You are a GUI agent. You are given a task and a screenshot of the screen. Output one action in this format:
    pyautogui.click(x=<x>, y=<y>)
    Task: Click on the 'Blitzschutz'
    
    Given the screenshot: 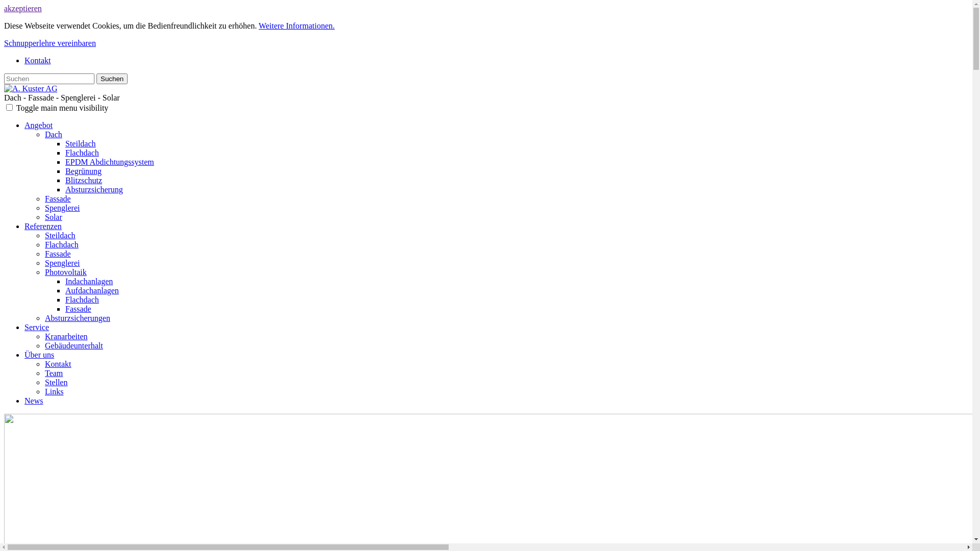 What is the action you would take?
    pyautogui.click(x=83, y=180)
    